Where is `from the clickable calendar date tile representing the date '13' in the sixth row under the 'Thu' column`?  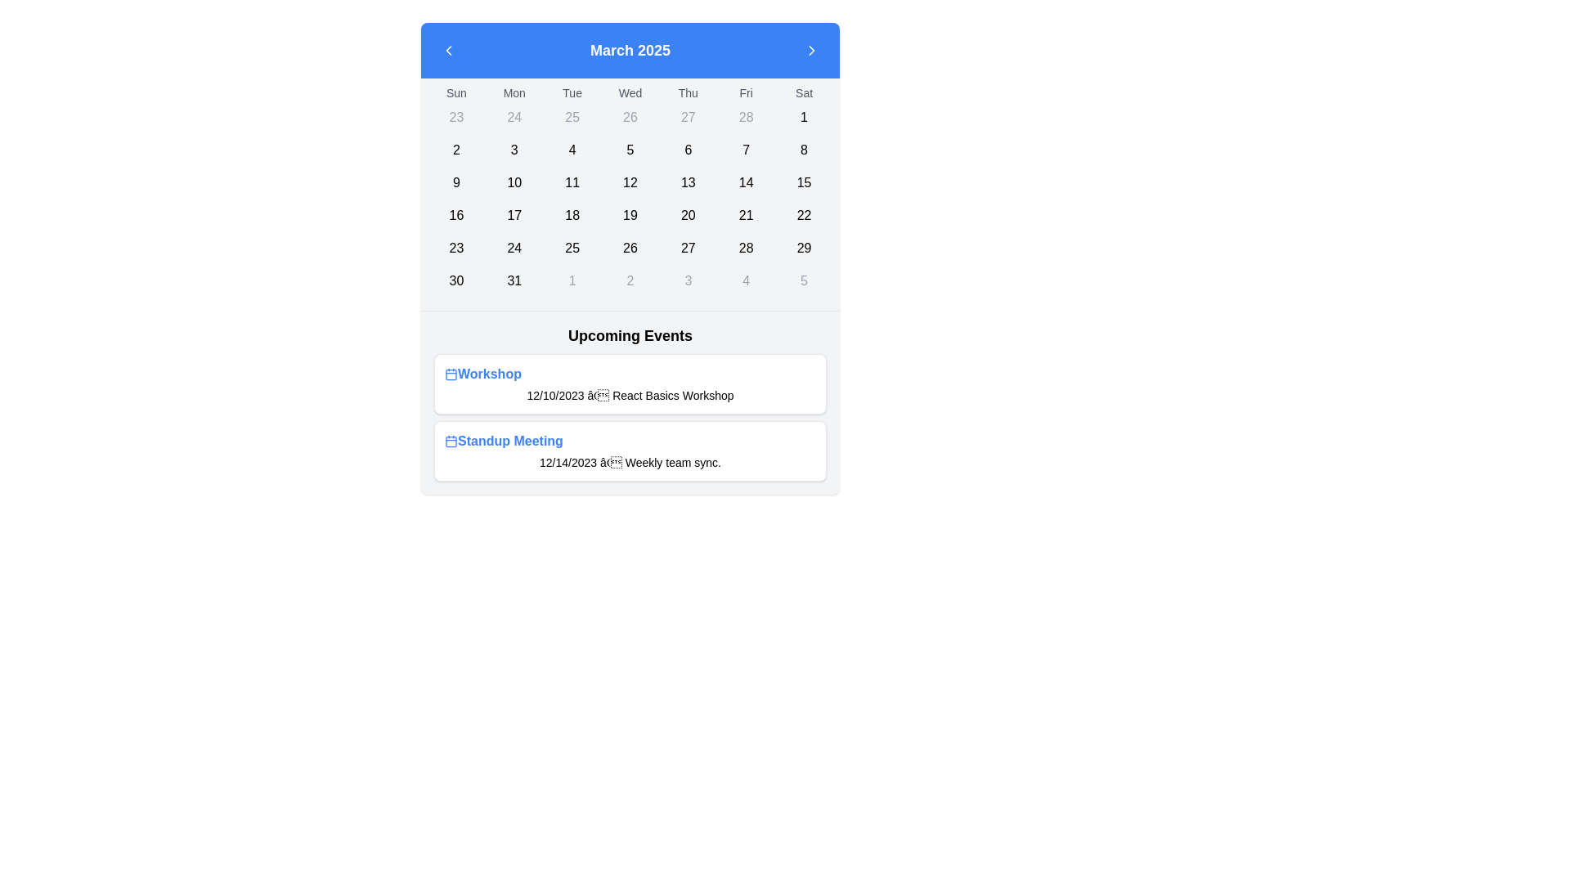
from the clickable calendar date tile representing the date '13' in the sixth row under the 'Thu' column is located at coordinates (688, 182).